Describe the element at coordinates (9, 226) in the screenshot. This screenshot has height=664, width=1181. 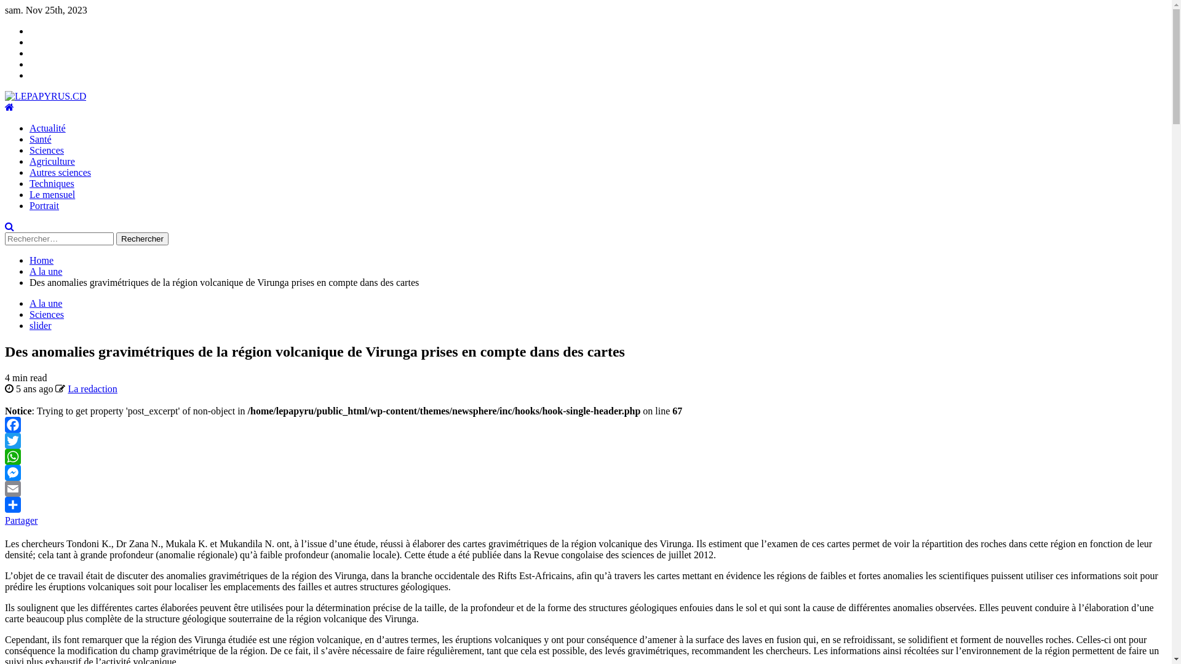
I see `'Search'` at that location.